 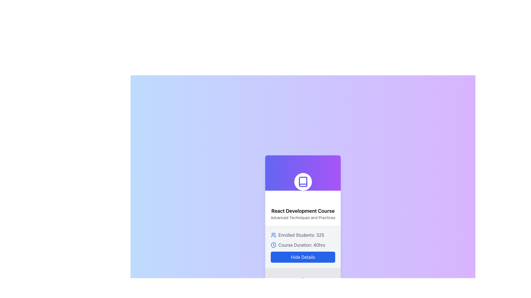 What do you see at coordinates (303, 257) in the screenshot?
I see `the button located at the bottom of the course information card` at bounding box center [303, 257].